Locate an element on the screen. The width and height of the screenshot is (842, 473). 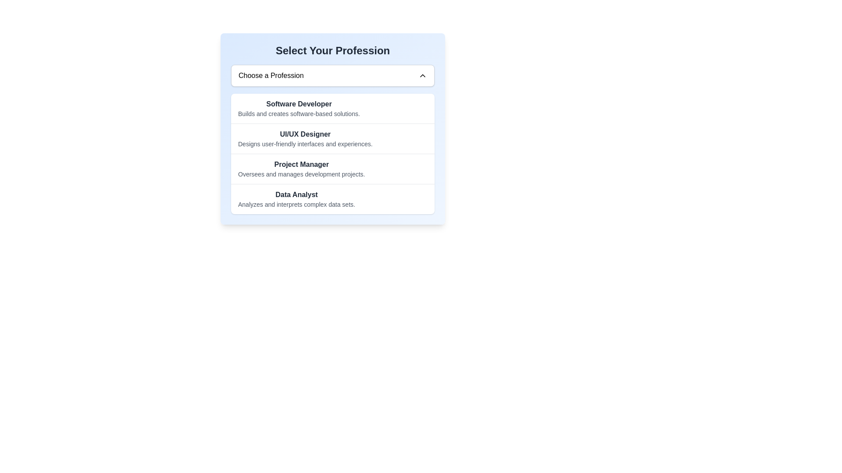
the text element providing a description of the 'Software Developer' profession, located below the 'Software Developer' label in the first row of the list under 'Select Your Profession.' is located at coordinates (299, 113).